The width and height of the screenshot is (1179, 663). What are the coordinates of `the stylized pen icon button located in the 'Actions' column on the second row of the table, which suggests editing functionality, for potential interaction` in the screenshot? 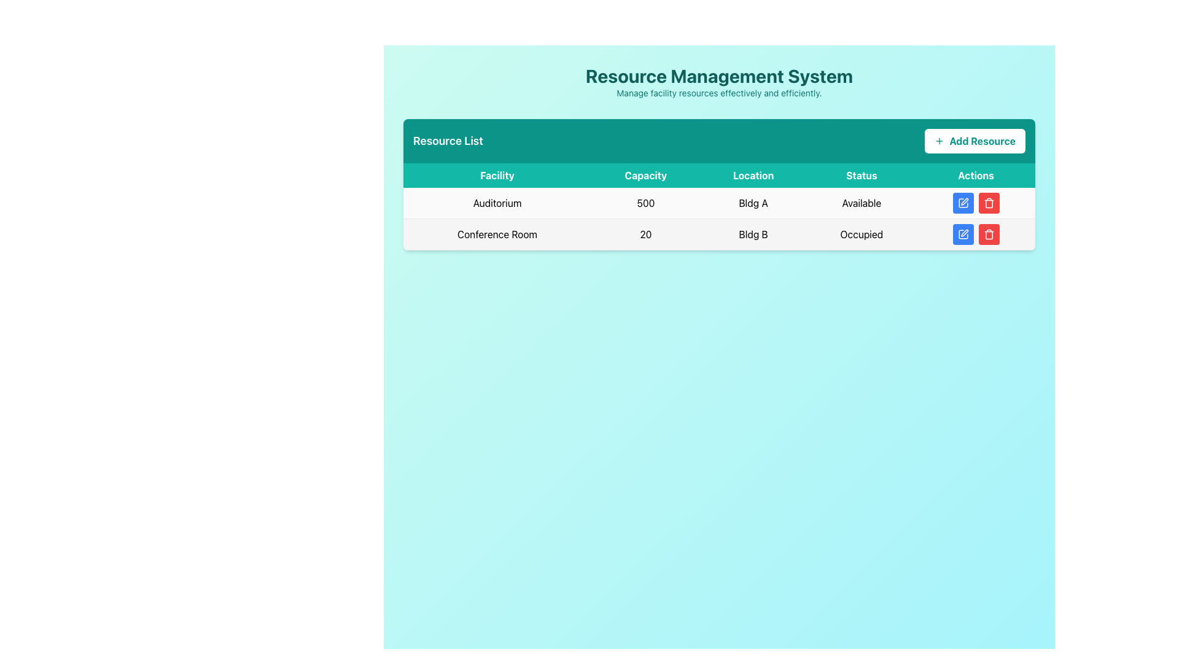 It's located at (963, 201).